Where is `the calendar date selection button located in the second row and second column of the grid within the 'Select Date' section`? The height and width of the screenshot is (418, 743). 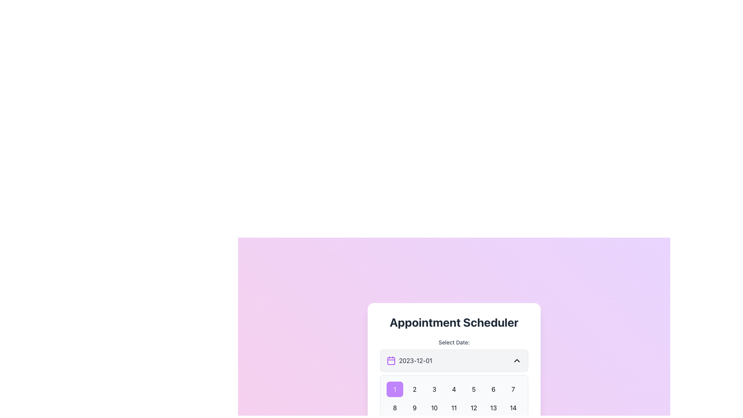
the calendar date selection button located in the second row and second column of the grid within the 'Select Date' section is located at coordinates (414, 408).